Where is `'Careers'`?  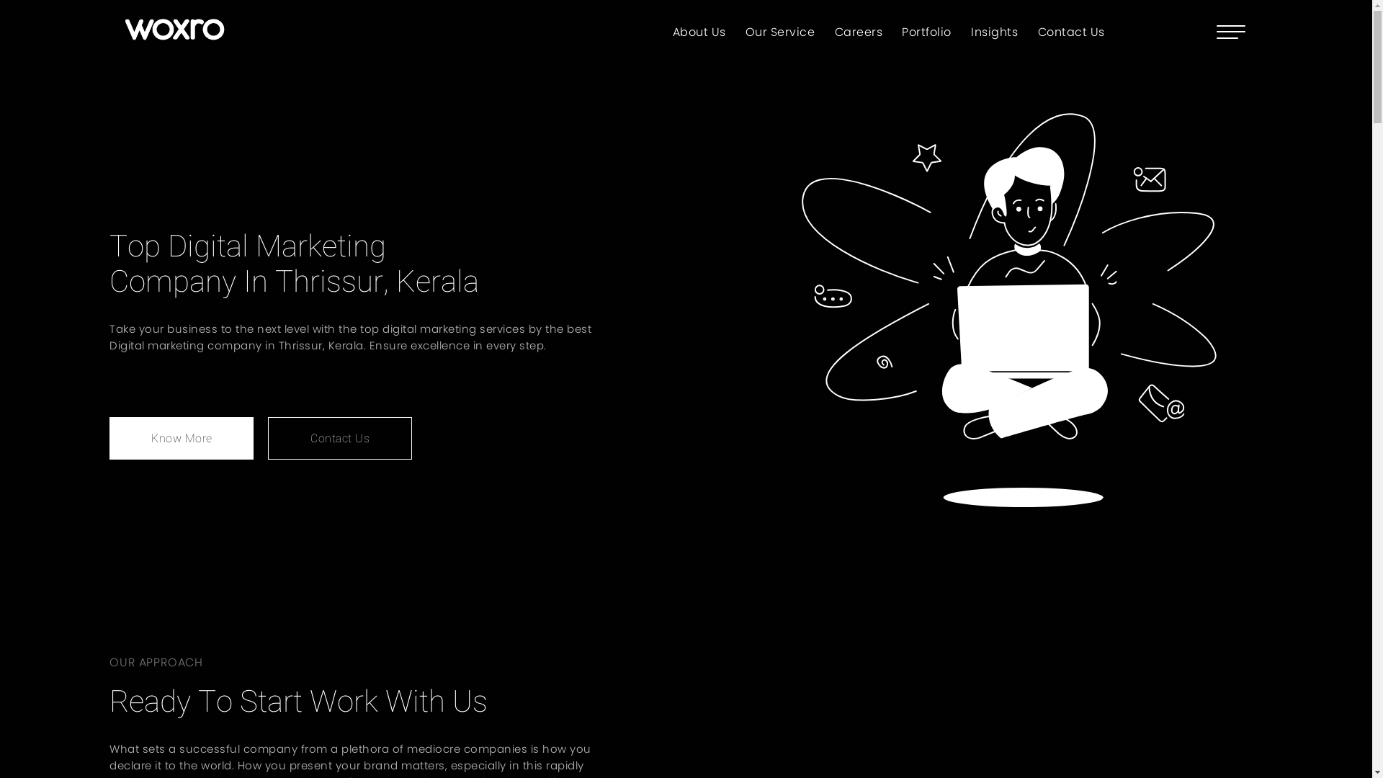 'Careers' is located at coordinates (859, 31).